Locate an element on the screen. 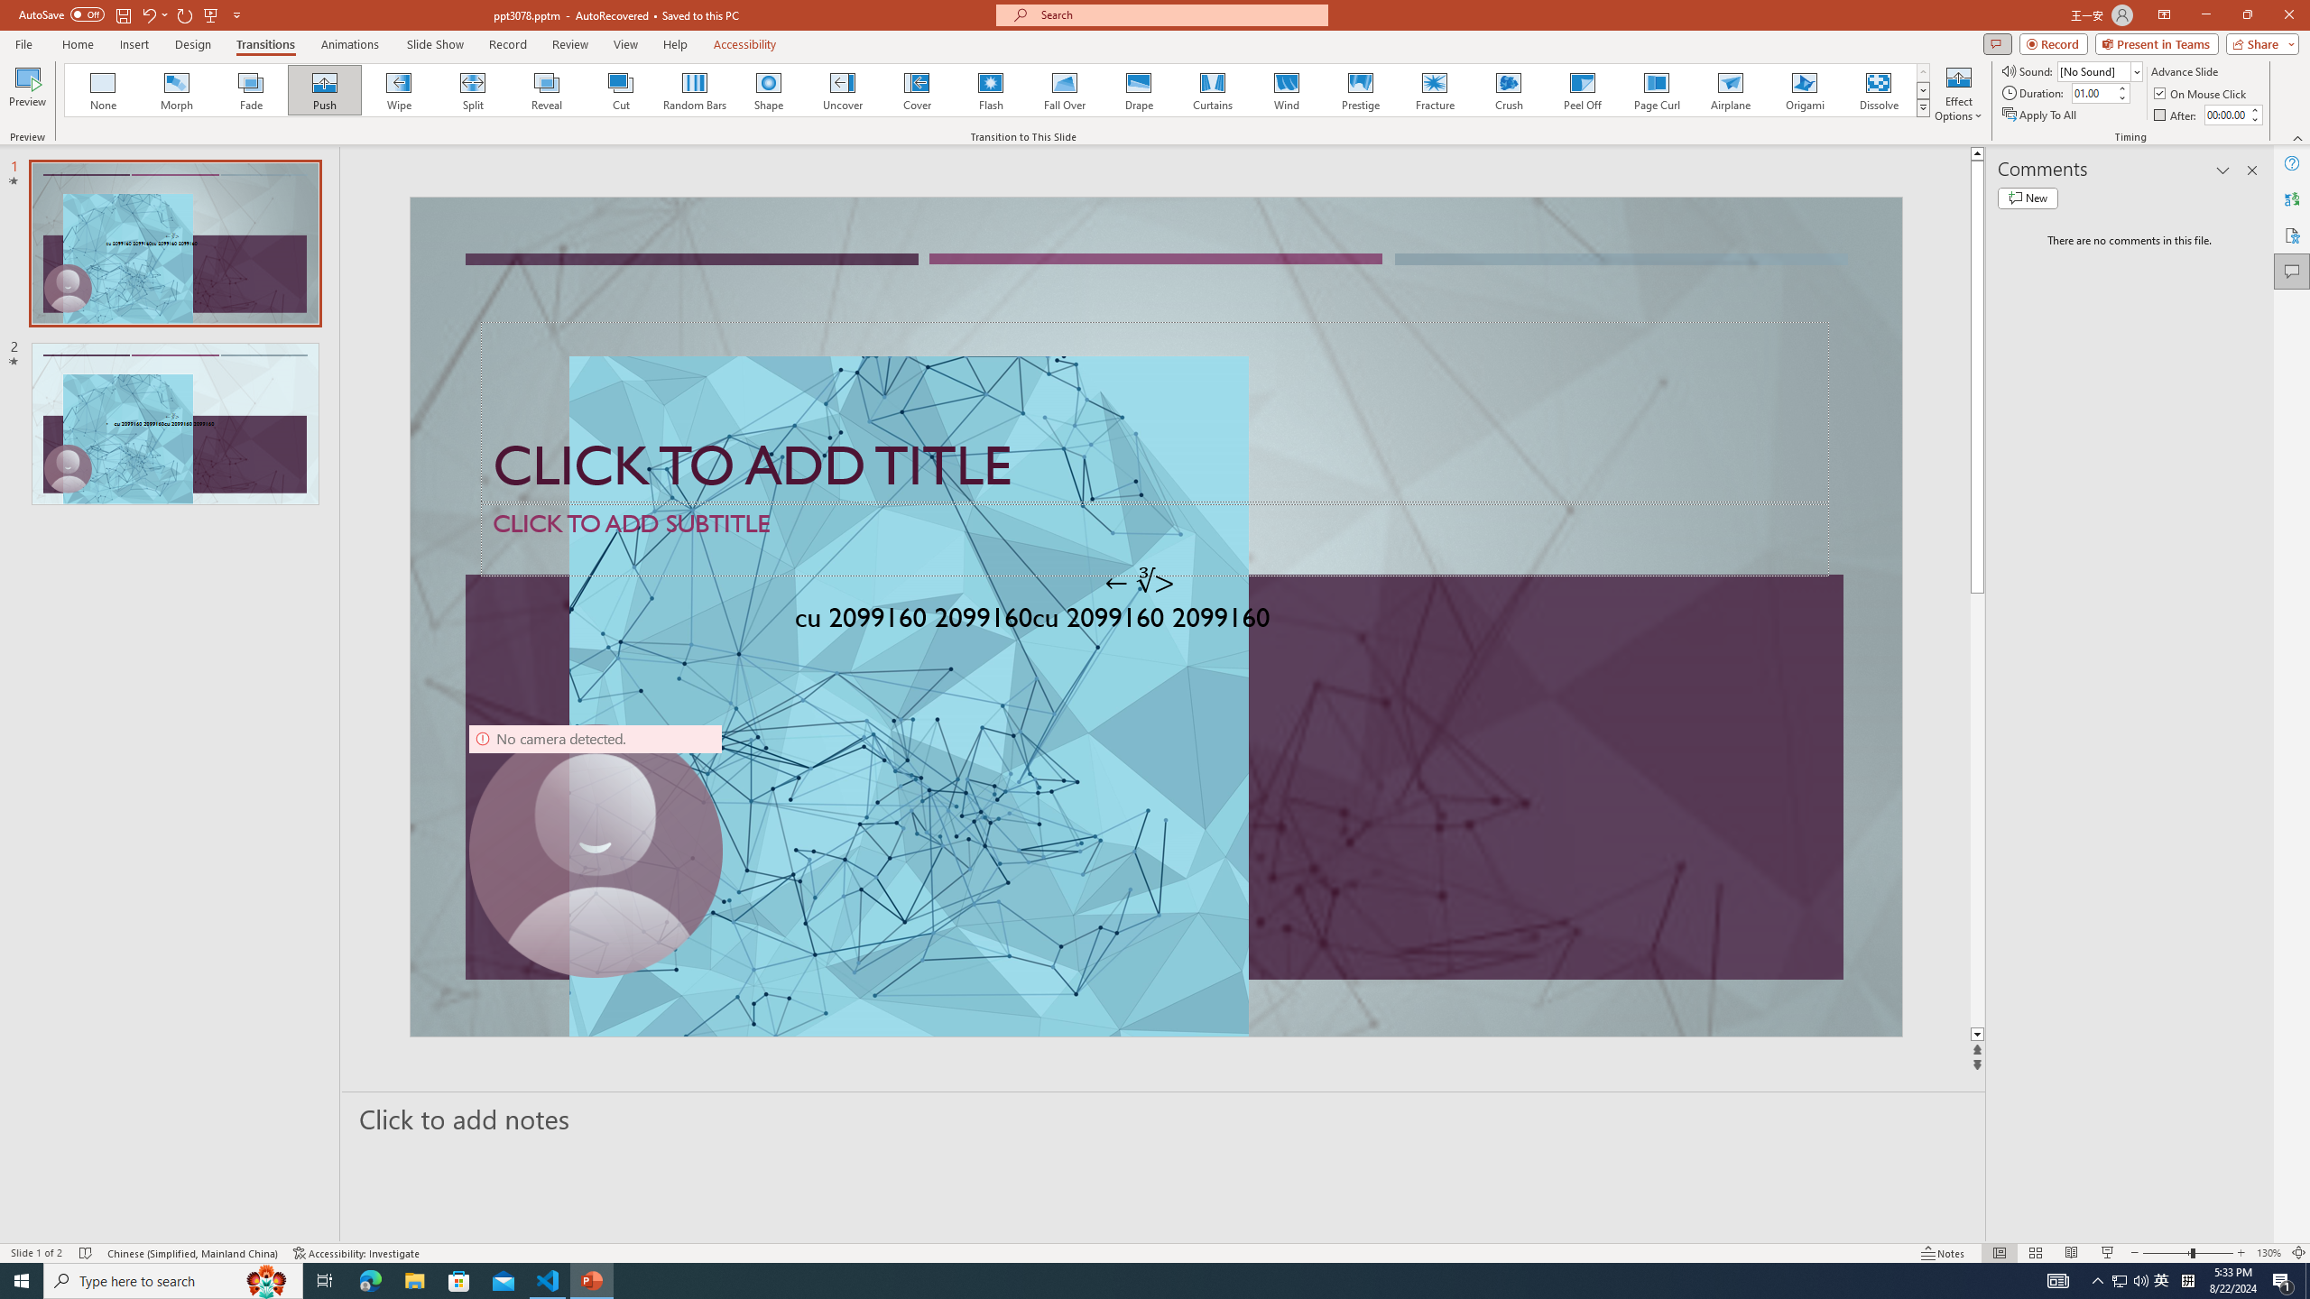 The width and height of the screenshot is (2310, 1299). 'Review' is located at coordinates (569, 44).